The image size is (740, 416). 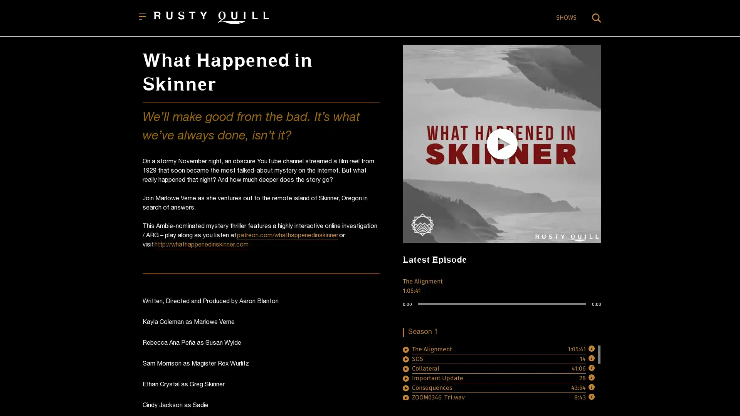 What do you see at coordinates (142, 16) in the screenshot?
I see `Open menu` at bounding box center [142, 16].